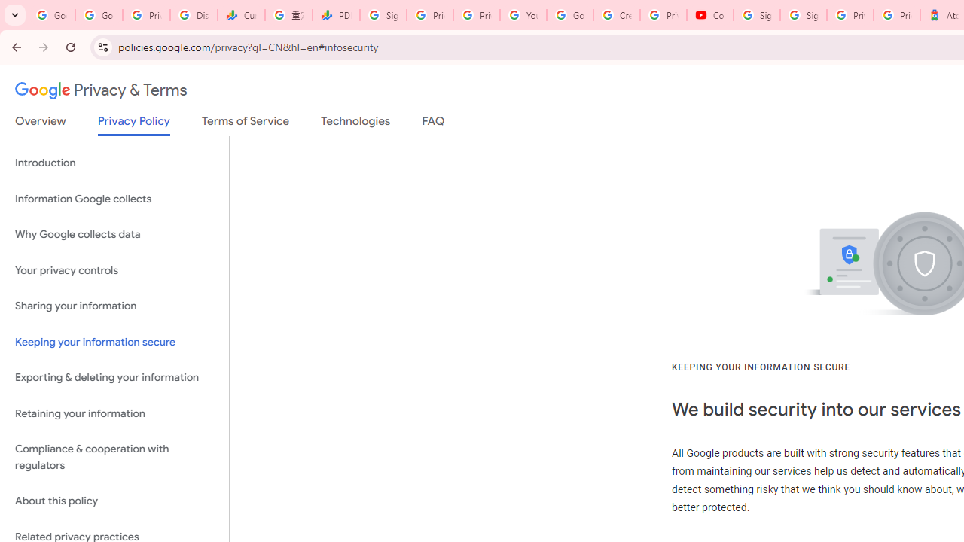  I want to click on 'Google Account Help', so click(569, 15).